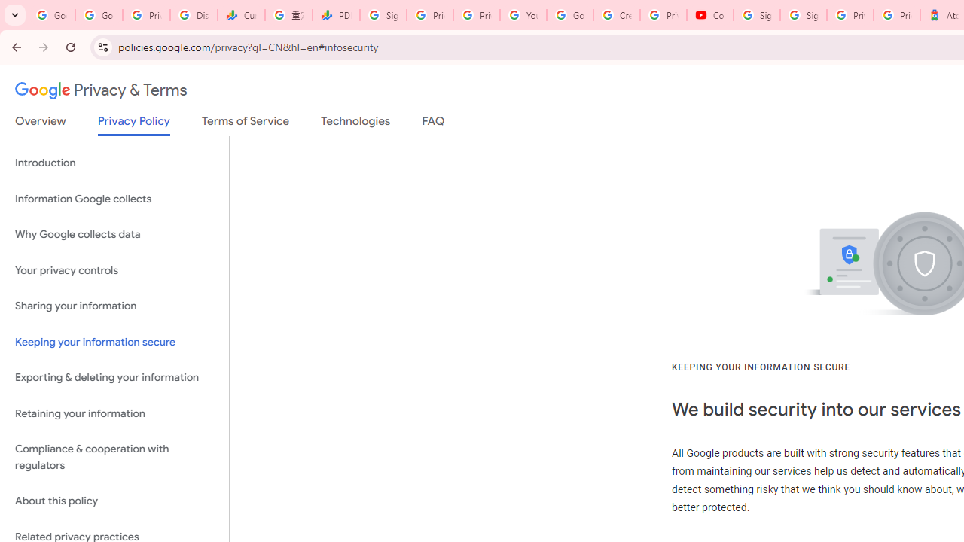  I want to click on 'Google Account Help', so click(569, 15).